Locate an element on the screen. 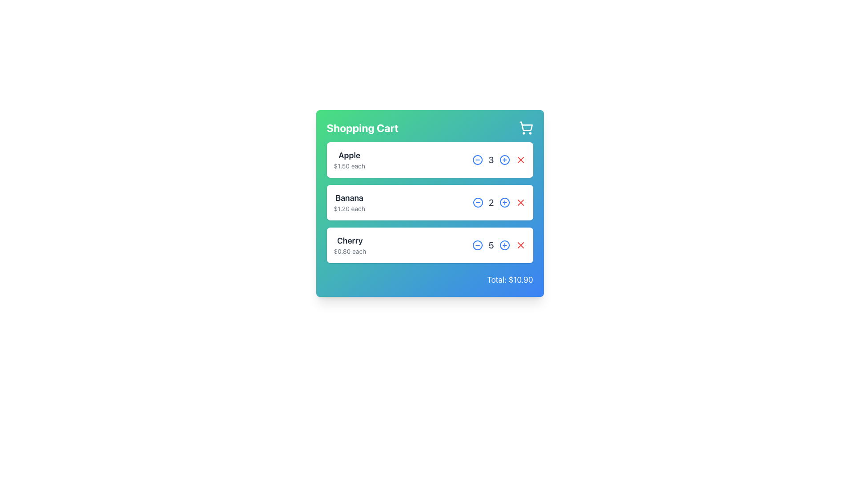 This screenshot has height=480, width=854. the SVG Circle representing the outer boundary of the minus icon for the 'Cherry' item is located at coordinates (477, 245).